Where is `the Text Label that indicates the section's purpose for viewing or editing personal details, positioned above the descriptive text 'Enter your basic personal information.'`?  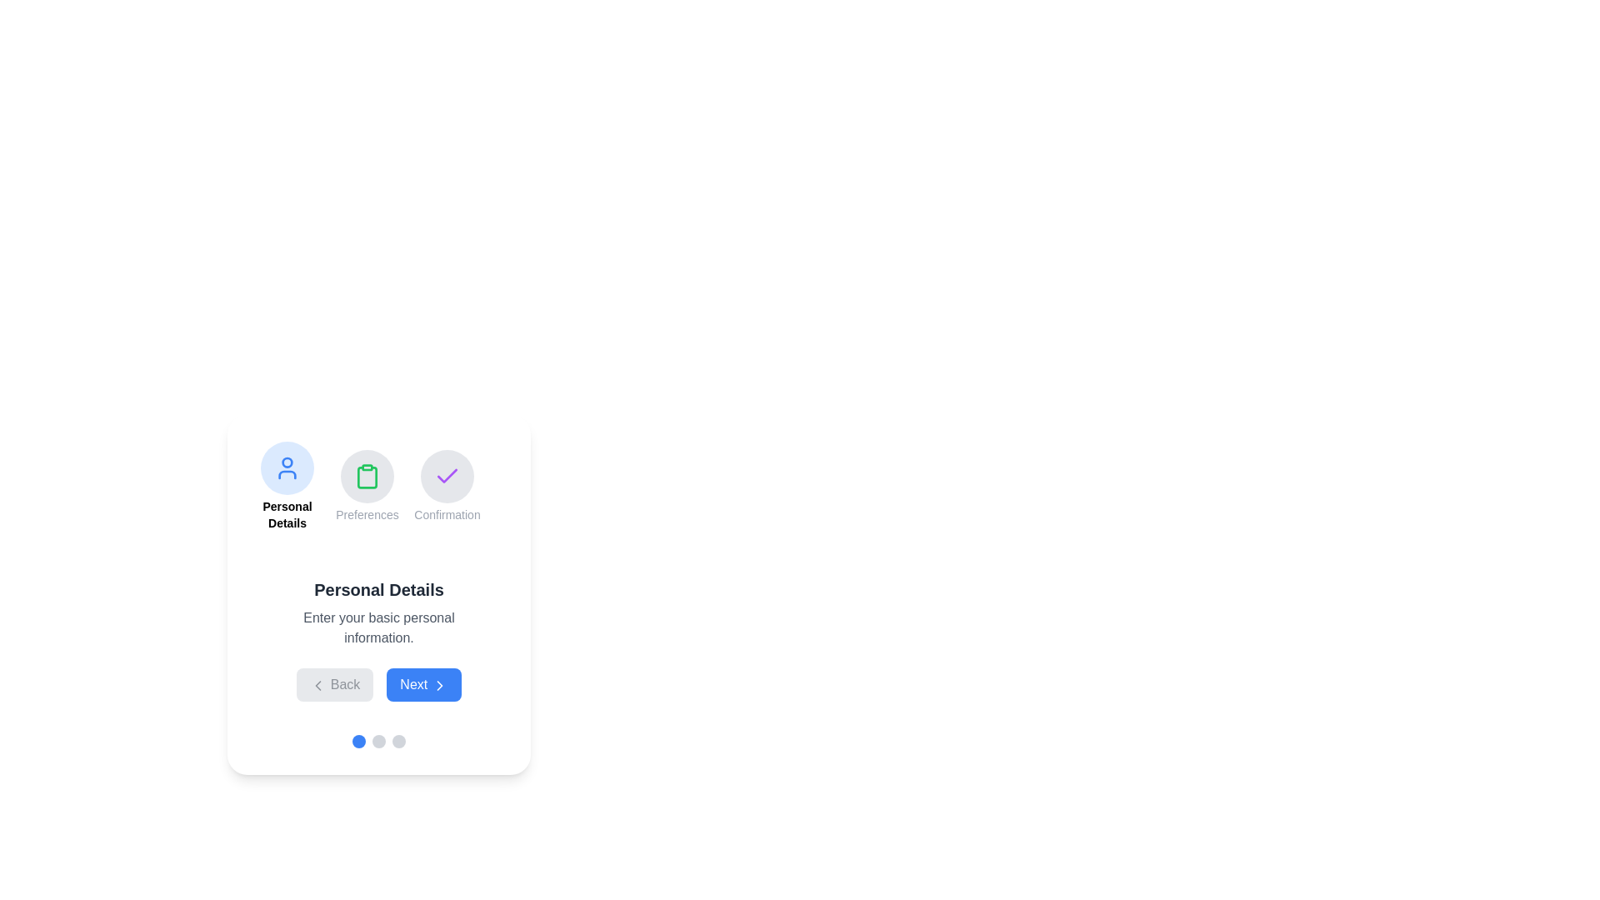 the Text Label that indicates the section's purpose for viewing or editing personal details, positioned above the descriptive text 'Enter your basic personal information.' is located at coordinates (378, 589).